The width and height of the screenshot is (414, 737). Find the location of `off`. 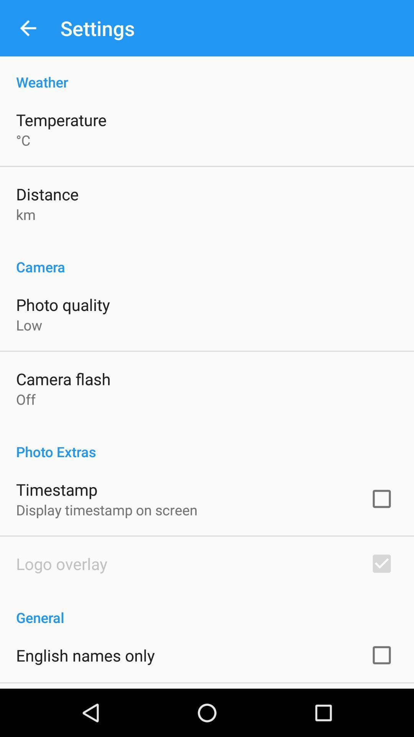

off is located at coordinates (25, 399).